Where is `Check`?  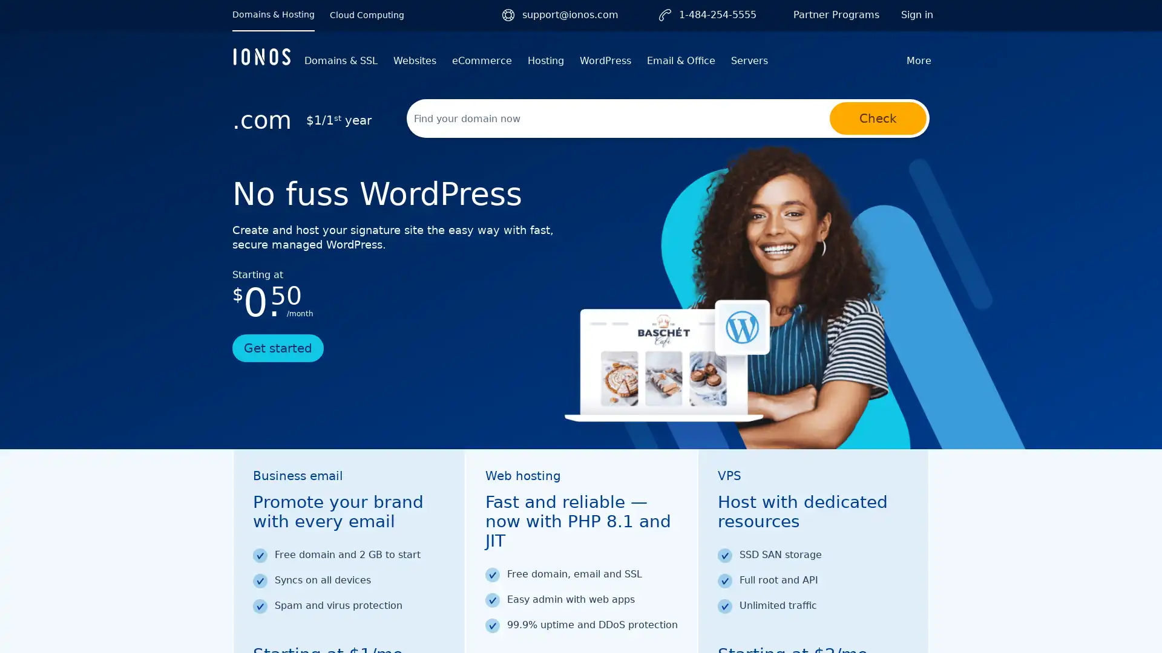 Check is located at coordinates (878, 119).